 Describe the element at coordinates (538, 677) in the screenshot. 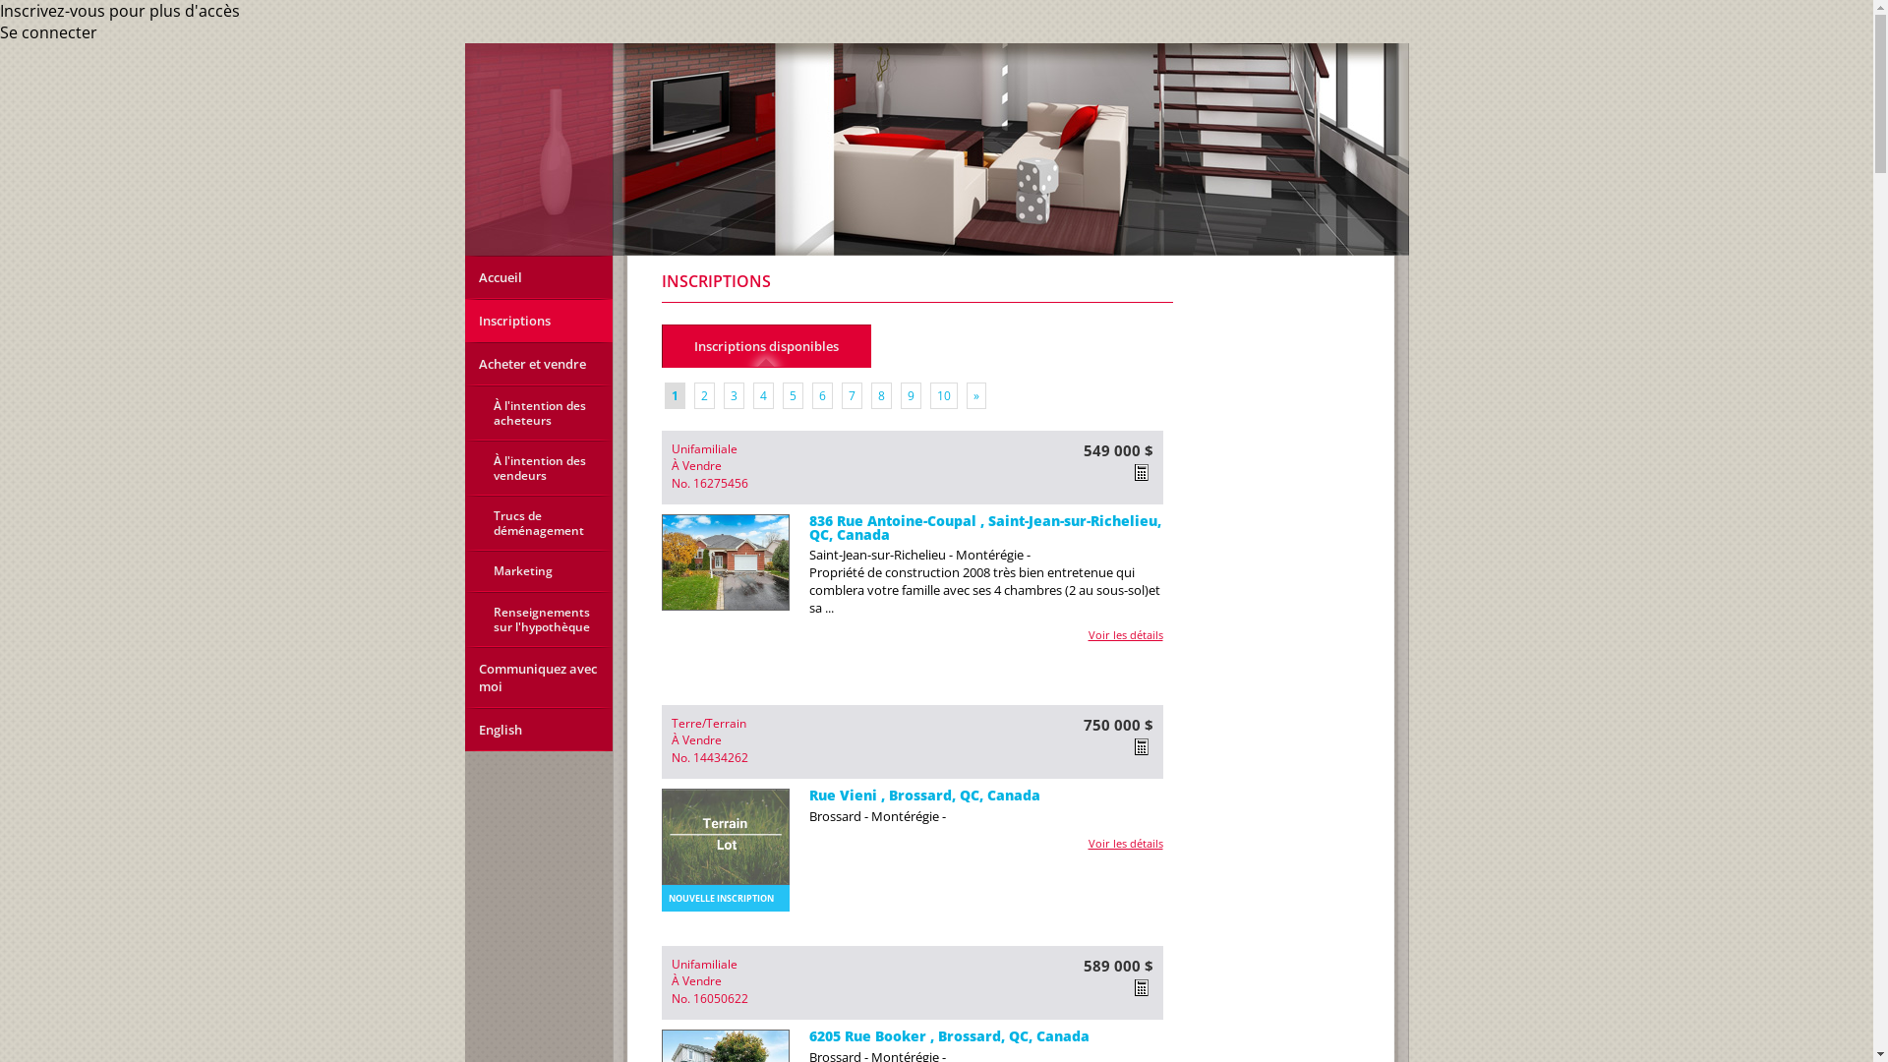

I see `'Communiquez avec moi'` at that location.